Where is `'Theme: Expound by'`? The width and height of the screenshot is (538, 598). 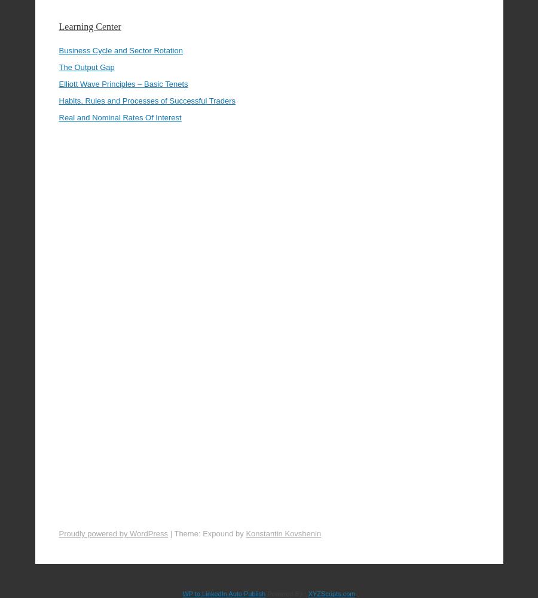
'Theme: Expound by' is located at coordinates (210, 500).